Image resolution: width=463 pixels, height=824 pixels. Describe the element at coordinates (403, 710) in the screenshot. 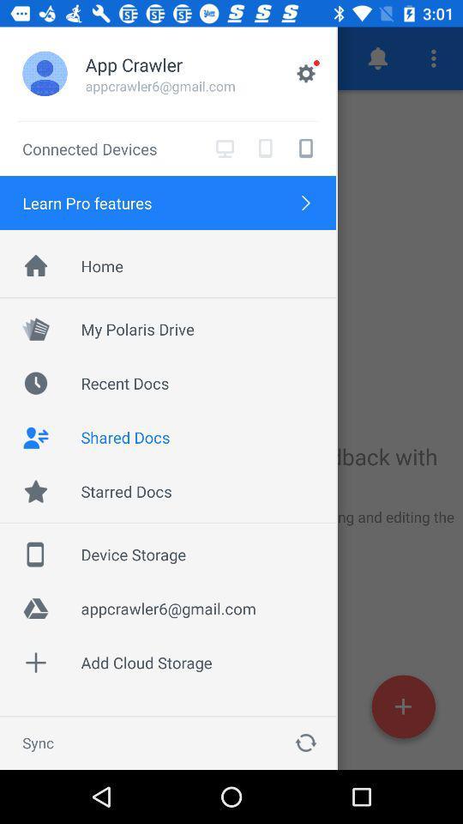

I see `the add icon` at that location.